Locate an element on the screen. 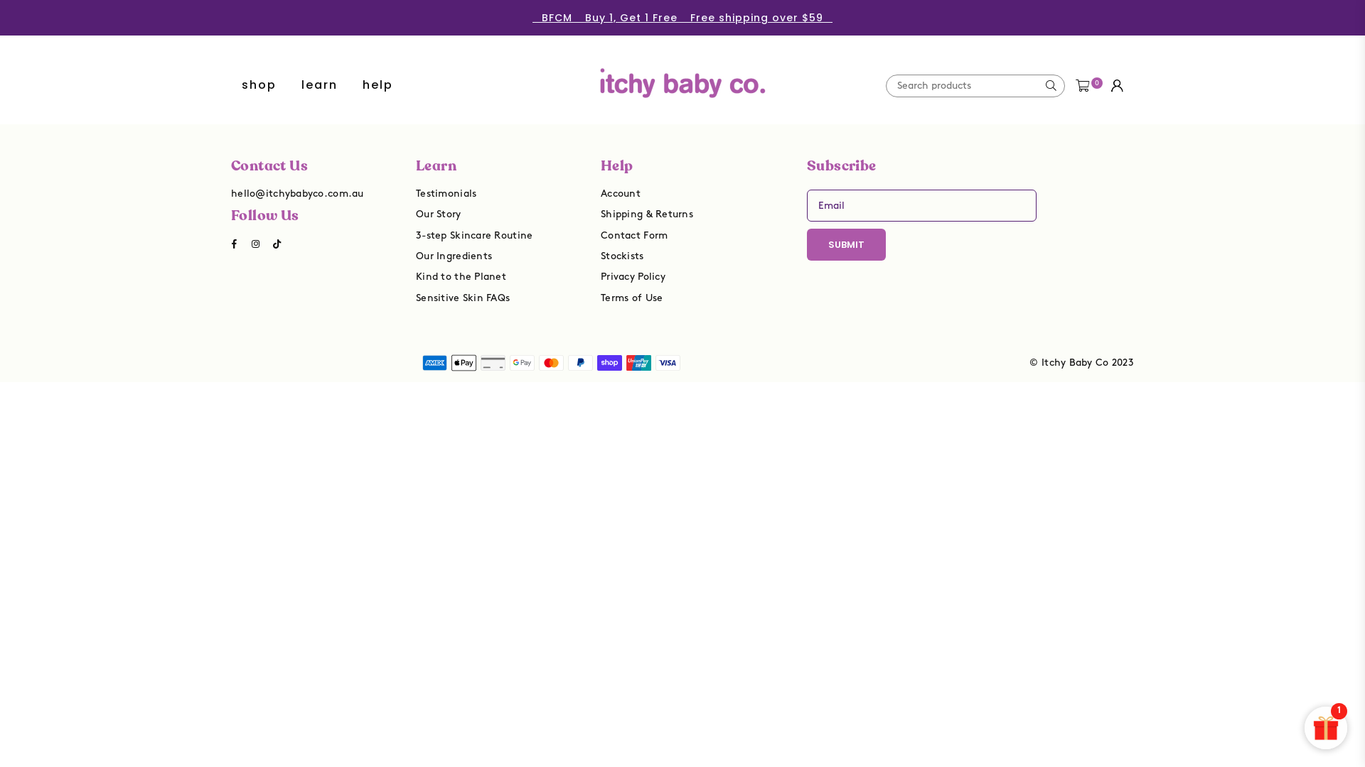  'Our Ingredients' is located at coordinates (453, 256).